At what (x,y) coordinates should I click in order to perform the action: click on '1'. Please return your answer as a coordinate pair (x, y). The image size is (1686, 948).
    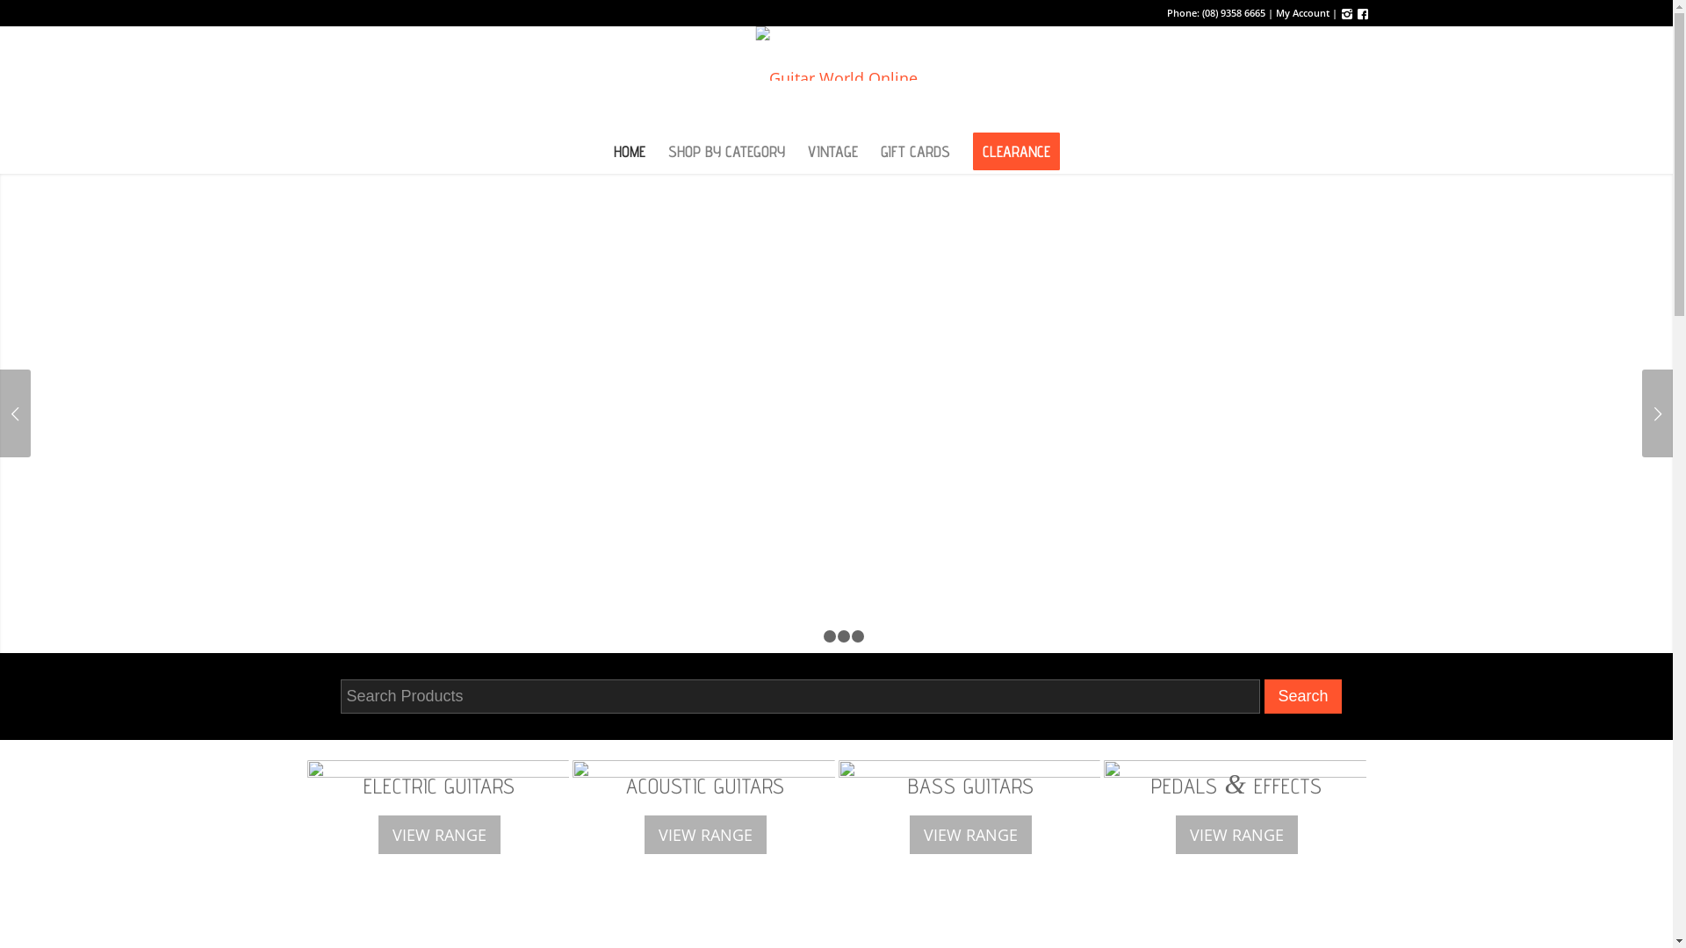
    Looking at the image, I should click on (815, 636).